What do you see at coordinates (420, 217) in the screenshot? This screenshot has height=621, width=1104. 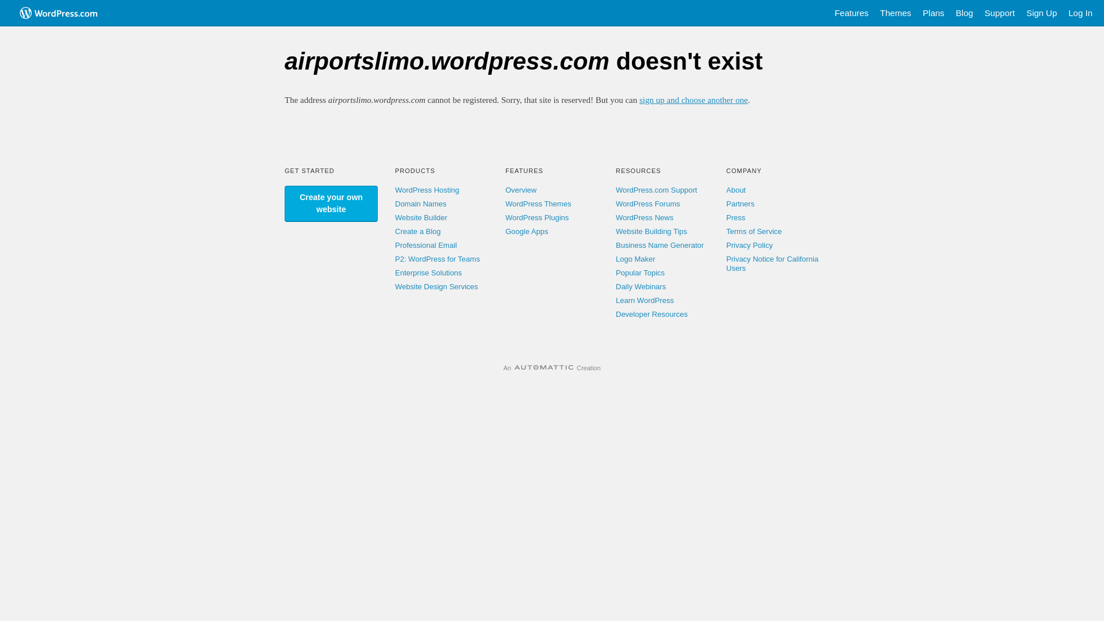 I see `'Website Builder'` at bounding box center [420, 217].